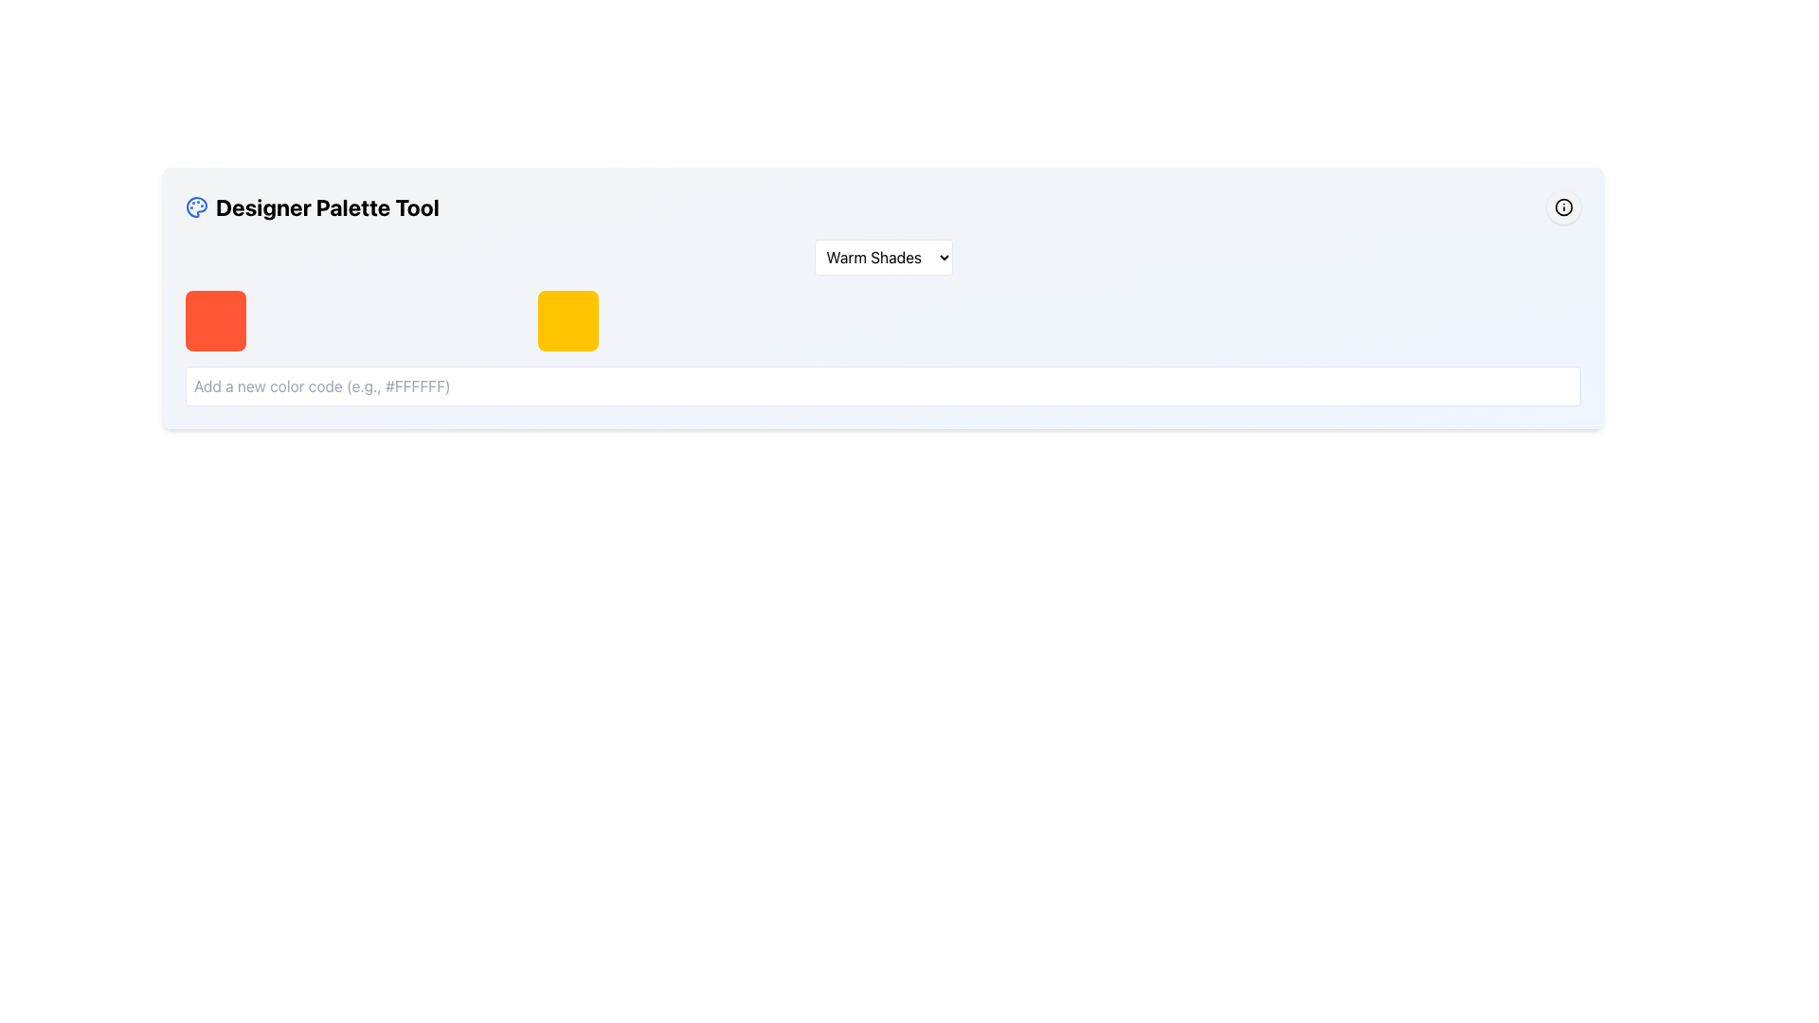  I want to click on the hollow circle in the upper-right corner of the interface, which is part of the tooltip symbol, so click(1564, 207).